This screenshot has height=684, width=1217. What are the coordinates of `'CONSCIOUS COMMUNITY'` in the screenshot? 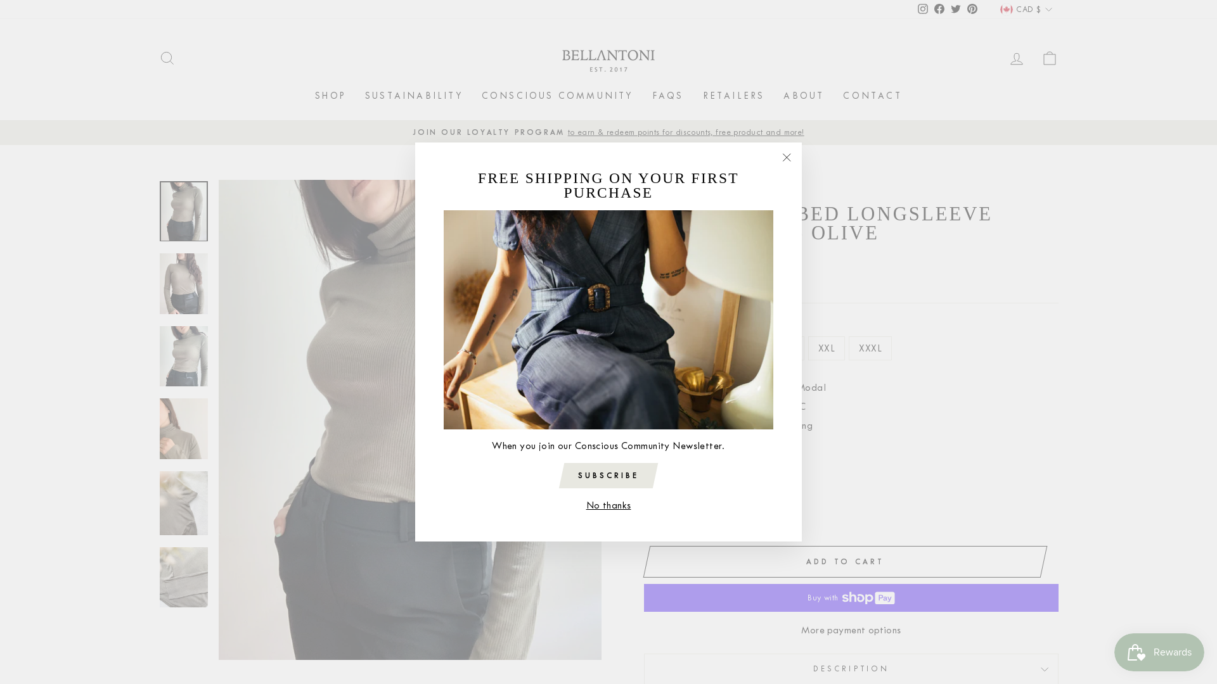 It's located at (557, 95).